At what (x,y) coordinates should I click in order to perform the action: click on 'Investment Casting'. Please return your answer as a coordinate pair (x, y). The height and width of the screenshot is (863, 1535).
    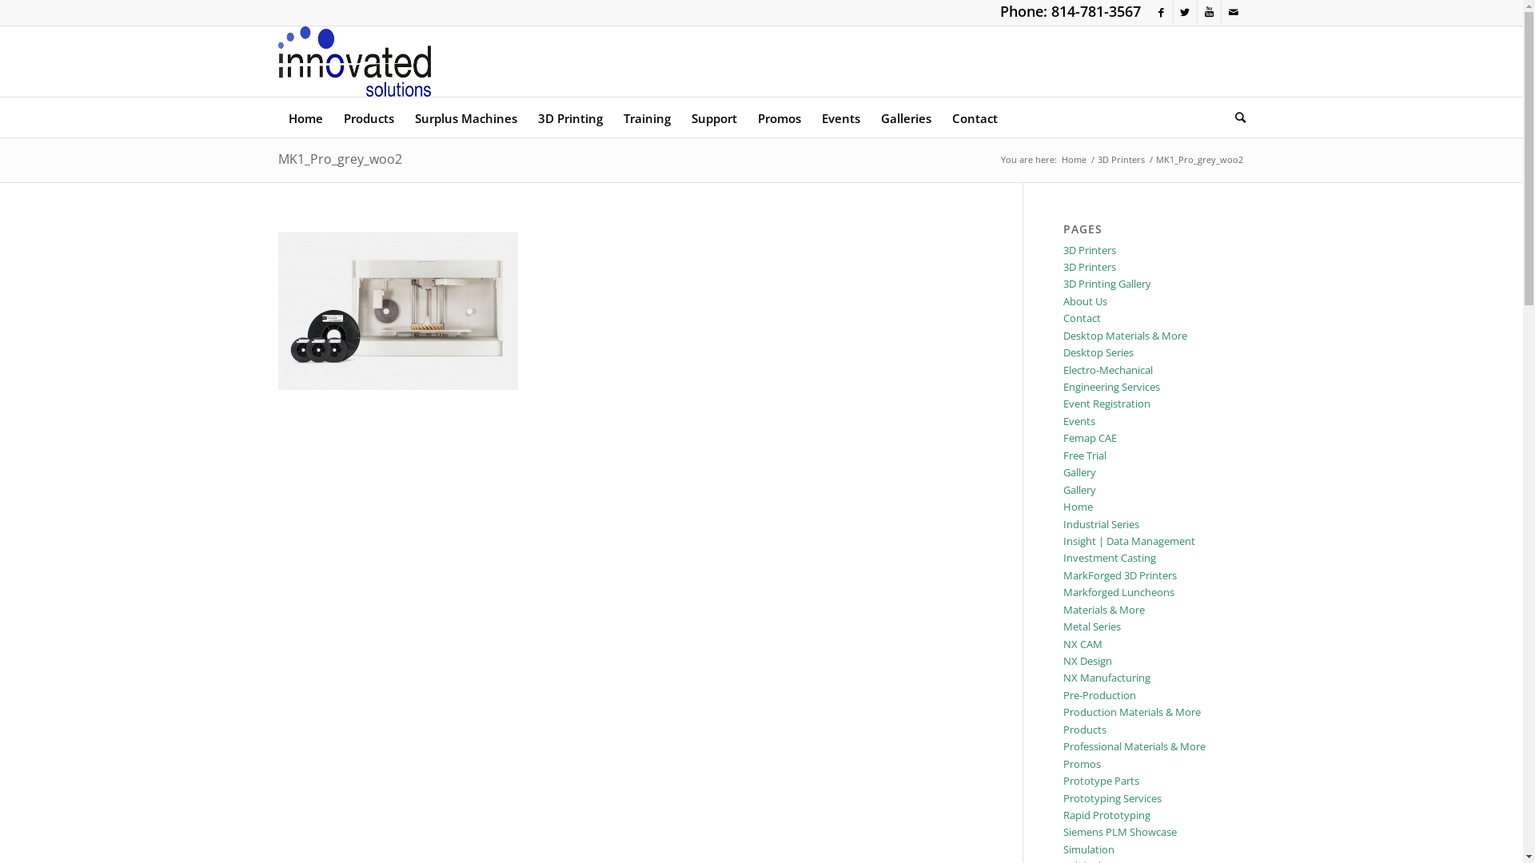
    Looking at the image, I should click on (1108, 557).